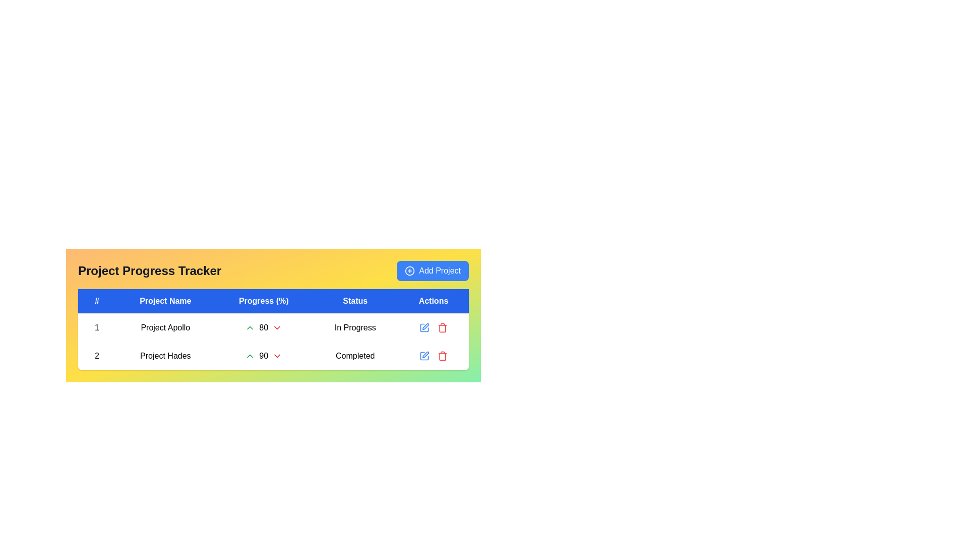  I want to click on the 'Add New Project' button located in the top-right corner of the 'Project Progress Tracker' section, so click(433, 270).